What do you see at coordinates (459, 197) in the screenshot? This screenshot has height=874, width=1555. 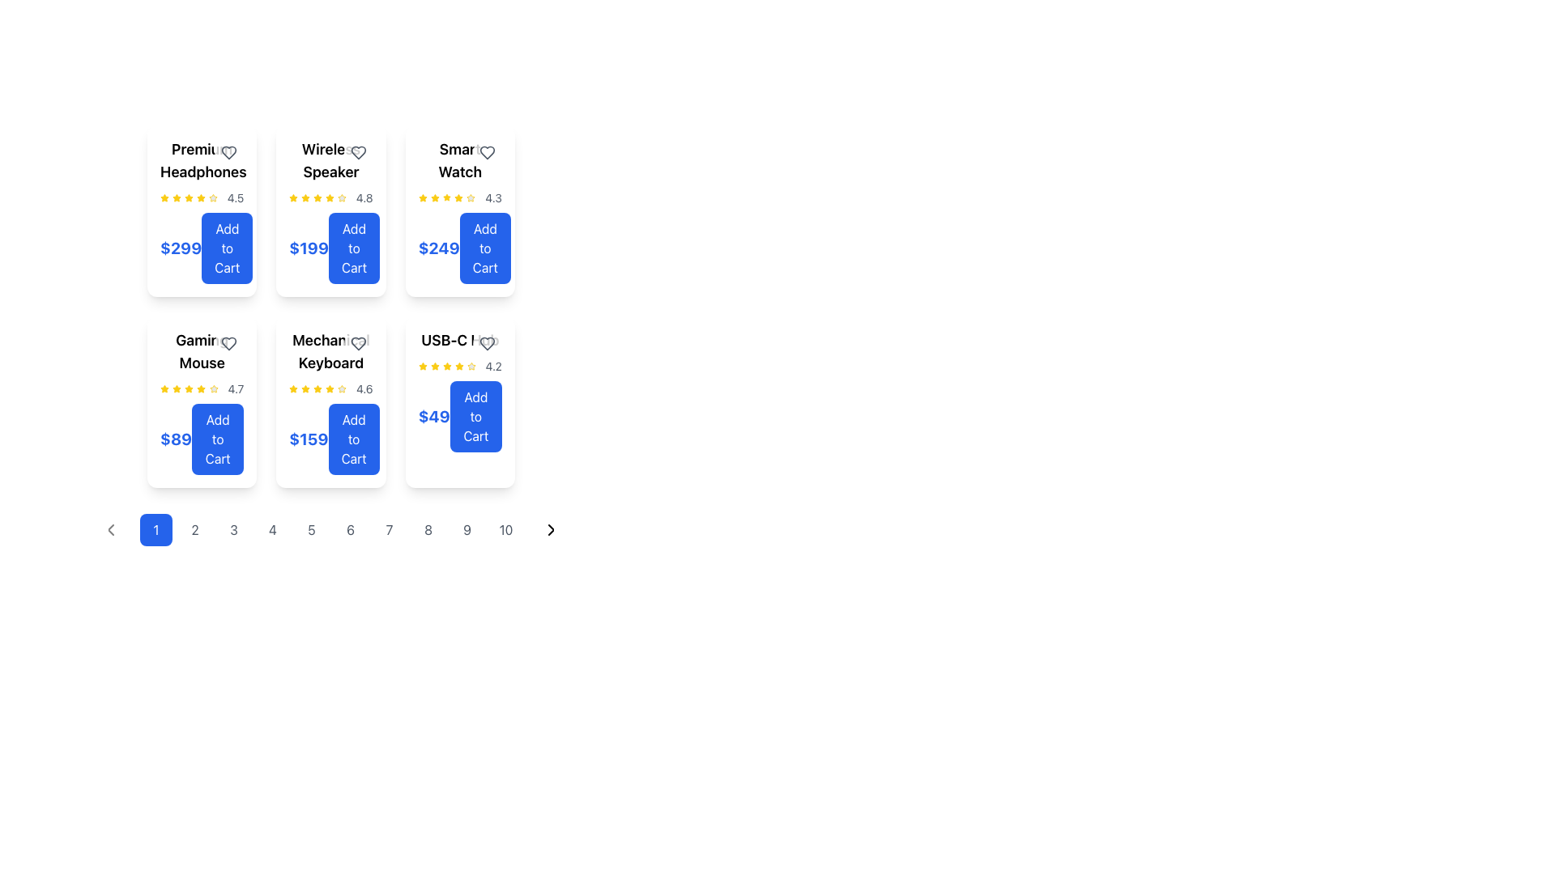 I see `the Rating display for the 'Smart Watch' item, which is located in the third card from the left in the top row, directly below the title and above the price and 'Add to Cart' button` at bounding box center [459, 197].